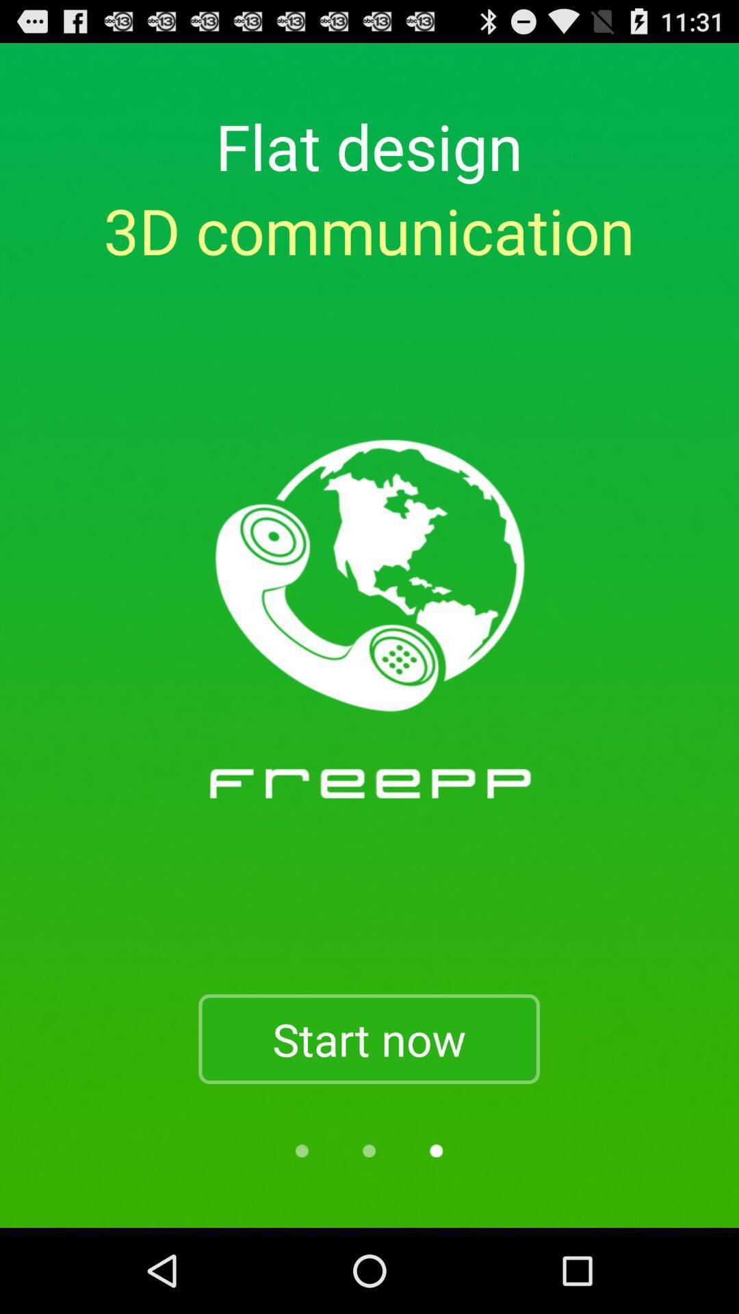  Describe the element at coordinates (368, 1039) in the screenshot. I see `item below 3d communication item` at that location.